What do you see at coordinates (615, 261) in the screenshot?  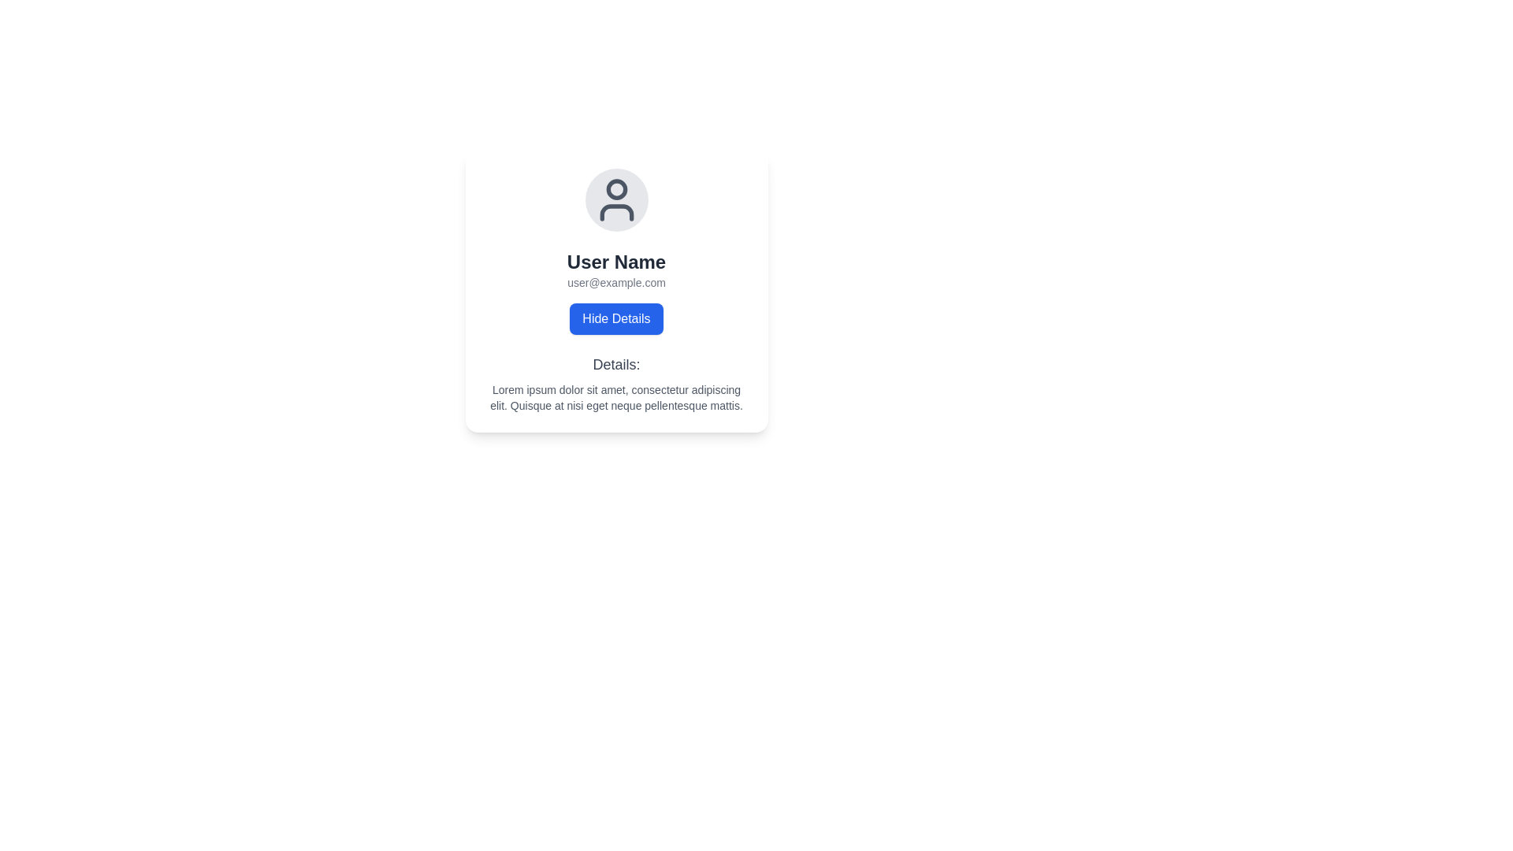 I see `the user's name text label, which is prominently displayed below the avatar icon and above the email address in the centered card component` at bounding box center [615, 261].